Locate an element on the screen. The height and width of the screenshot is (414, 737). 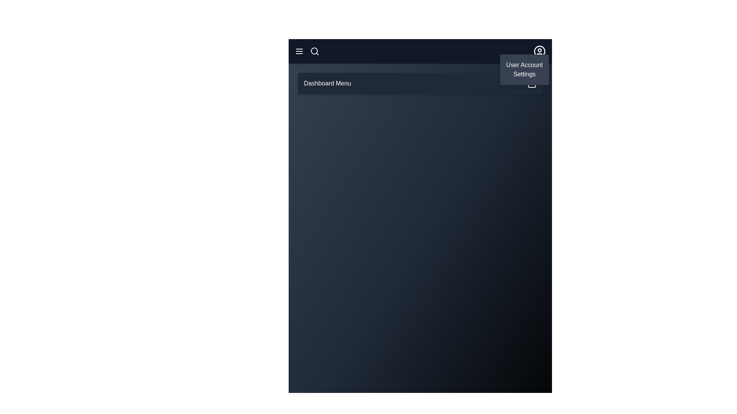
user icon to toggle the user menu is located at coordinates (539, 51).